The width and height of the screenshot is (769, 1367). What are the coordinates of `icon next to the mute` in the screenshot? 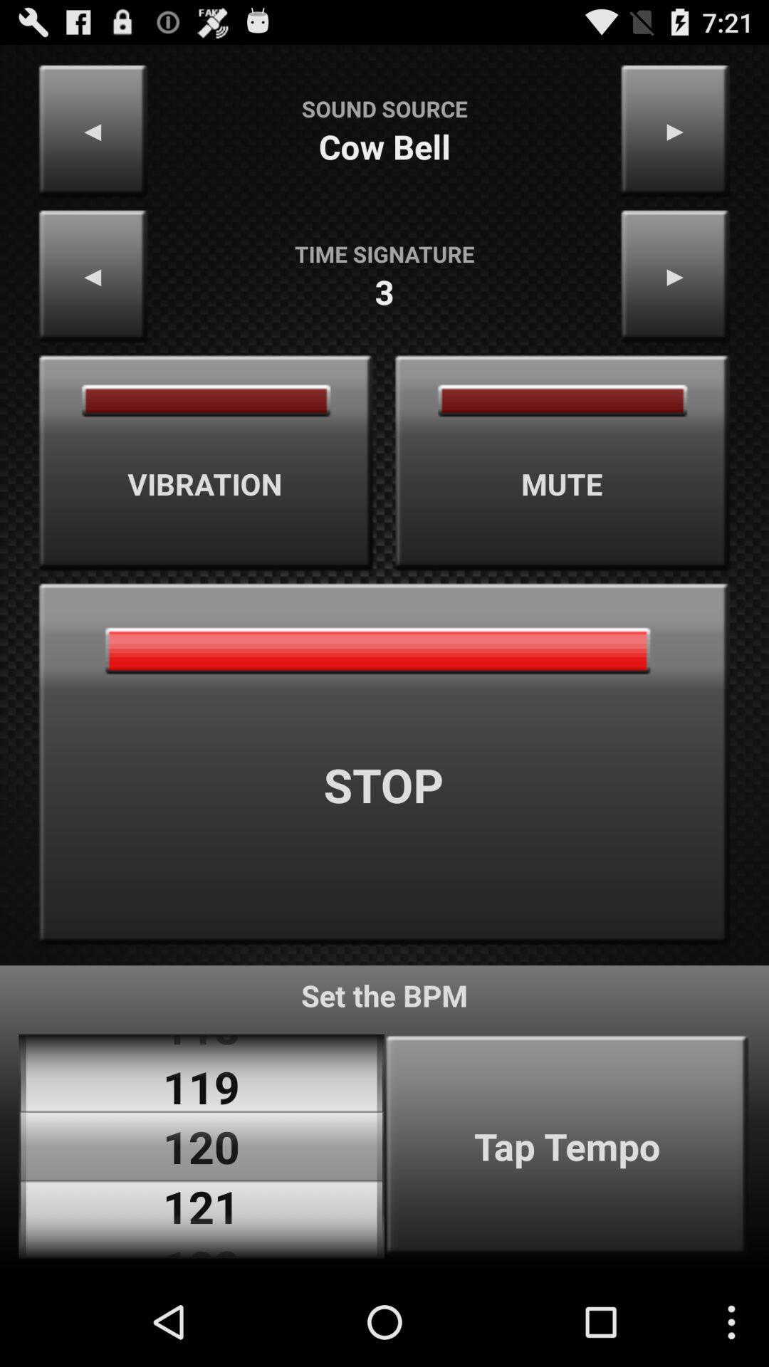 It's located at (206, 463).